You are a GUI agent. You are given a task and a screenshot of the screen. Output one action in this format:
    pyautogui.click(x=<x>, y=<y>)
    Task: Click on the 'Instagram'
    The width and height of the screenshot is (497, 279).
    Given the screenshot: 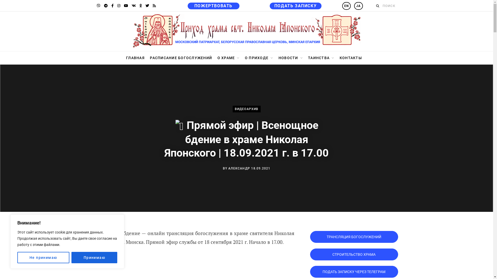 What is the action you would take?
    pyautogui.click(x=115, y=6)
    